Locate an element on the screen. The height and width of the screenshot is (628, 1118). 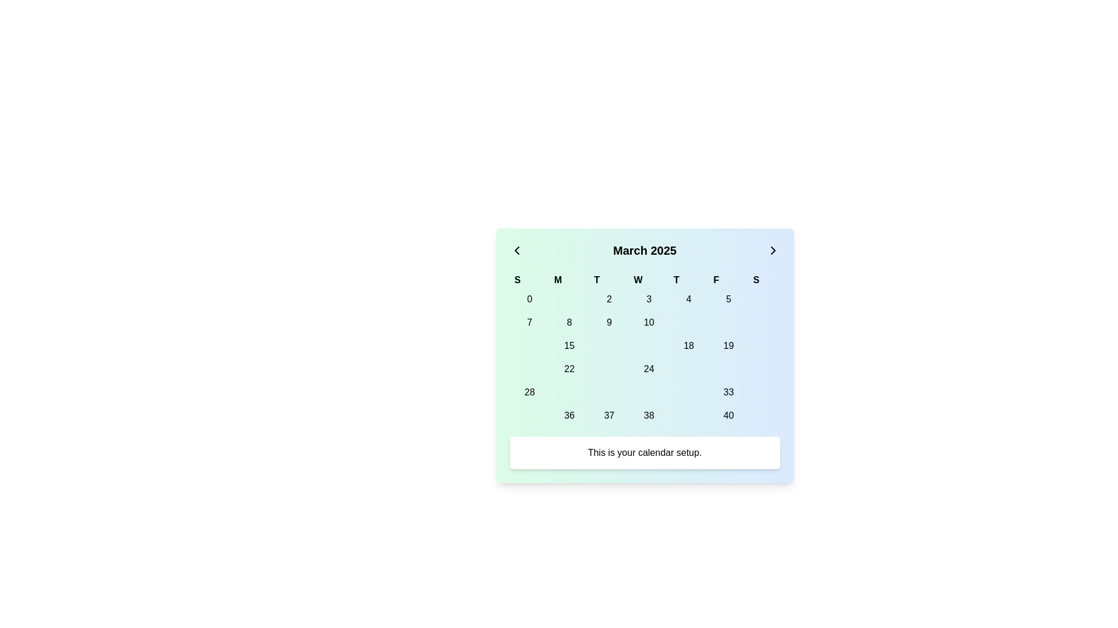
the Text Label displaying the date '2' under the 'T' column in the calendar for March 2025 is located at coordinates (608, 299).